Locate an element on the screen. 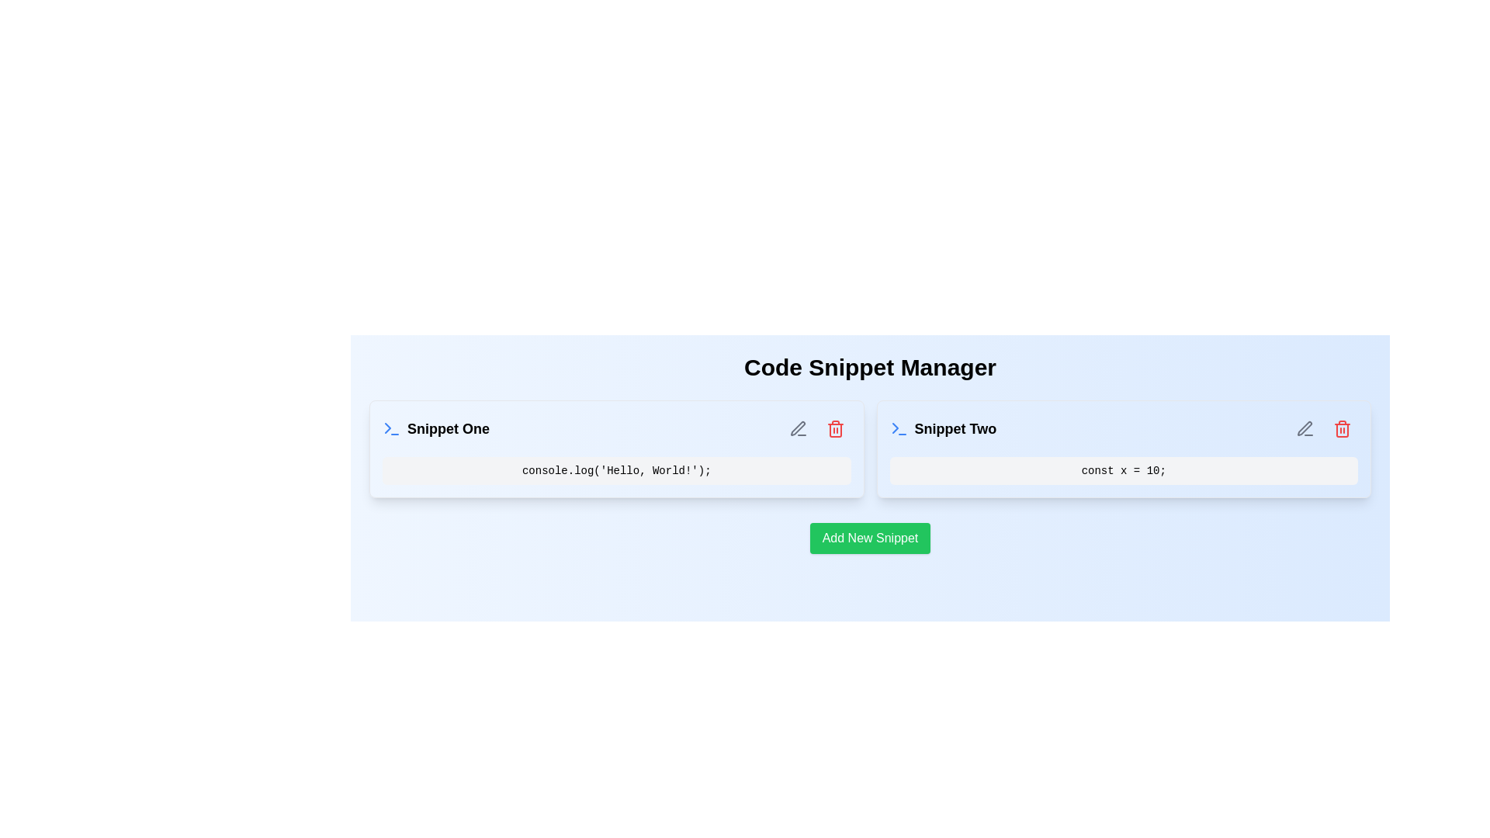 Image resolution: width=1490 pixels, height=838 pixels. the edit button located to the right of 'Snippet One' is located at coordinates (798, 428).